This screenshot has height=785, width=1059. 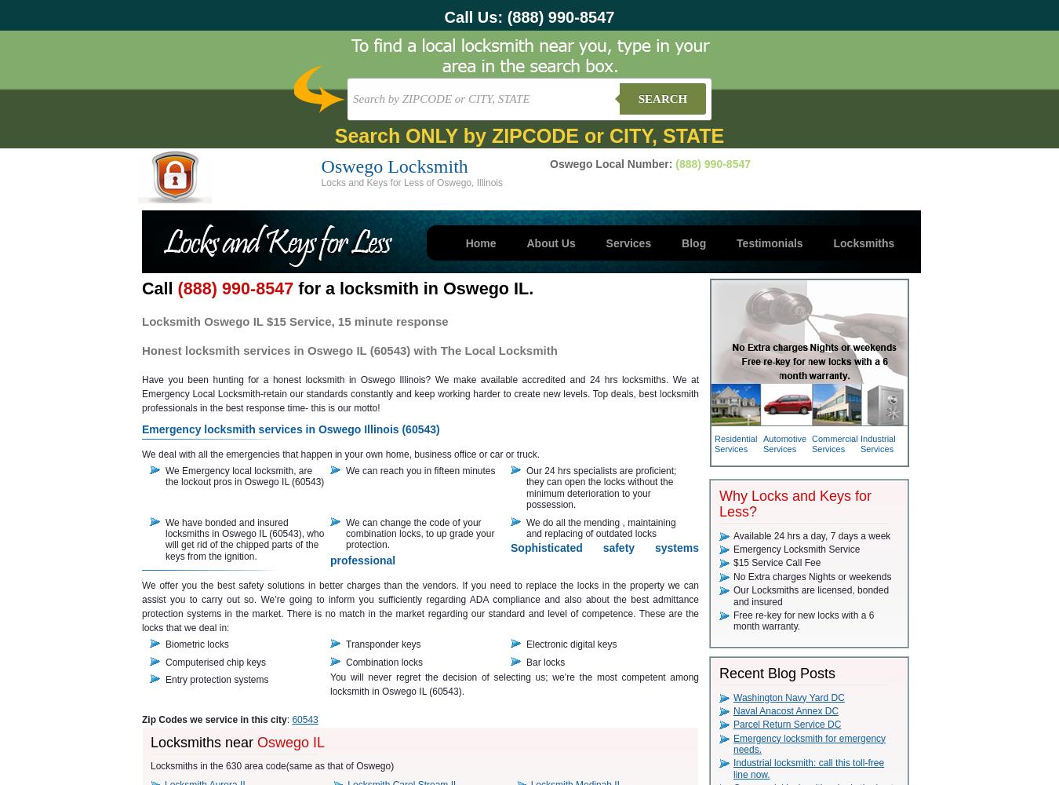 What do you see at coordinates (159, 287) in the screenshot?
I see `'Call'` at bounding box center [159, 287].